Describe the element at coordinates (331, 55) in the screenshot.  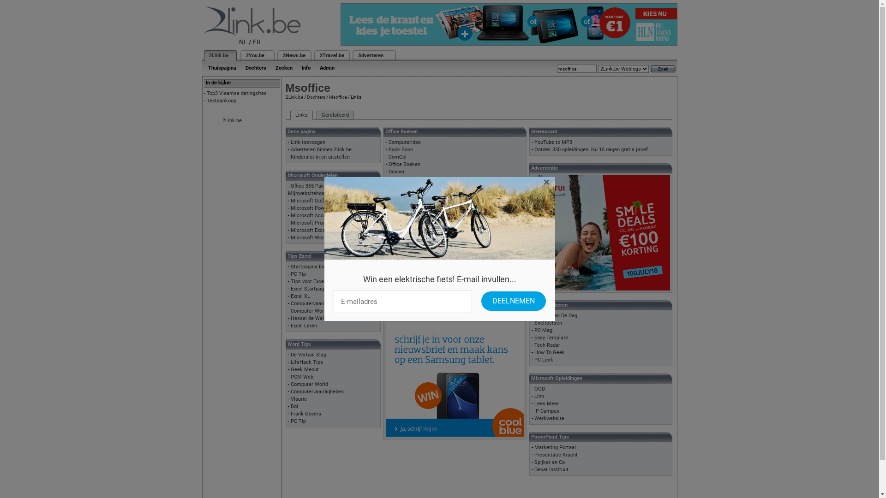
I see `'2Travel.be'` at that location.